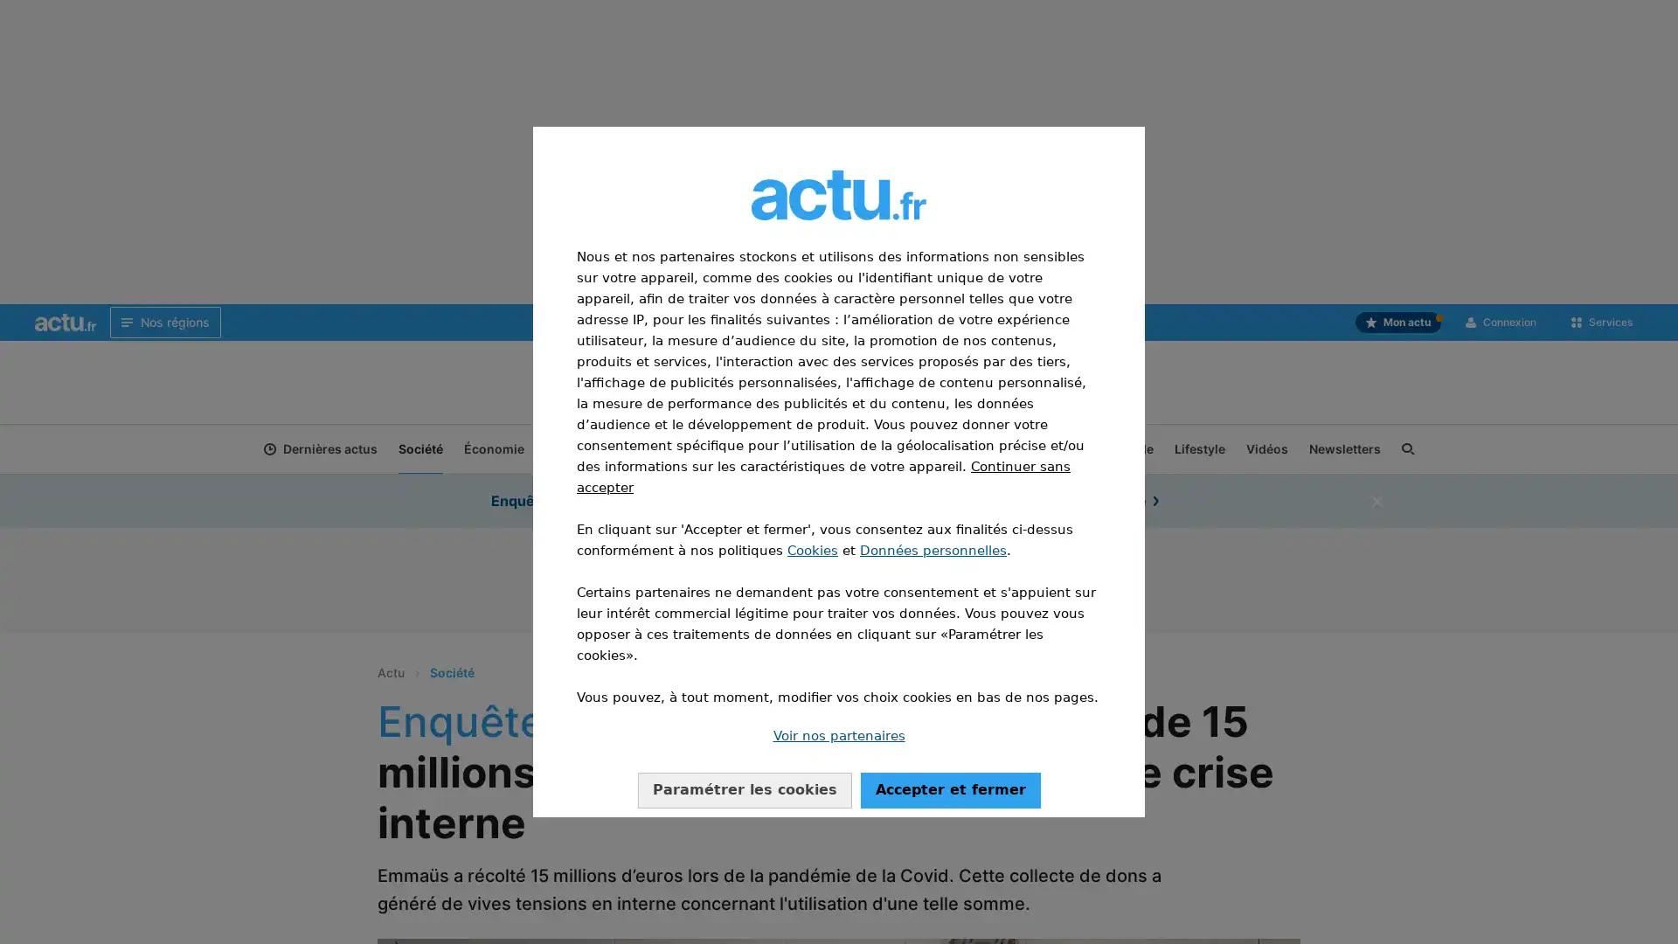 This screenshot has height=944, width=1678. Describe the element at coordinates (839, 735) in the screenshot. I see `Voir nos partenaires` at that location.